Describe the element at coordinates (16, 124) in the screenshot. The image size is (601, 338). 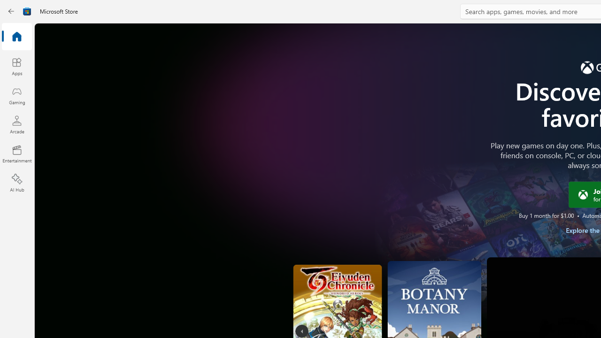
I see `'Arcade'` at that location.